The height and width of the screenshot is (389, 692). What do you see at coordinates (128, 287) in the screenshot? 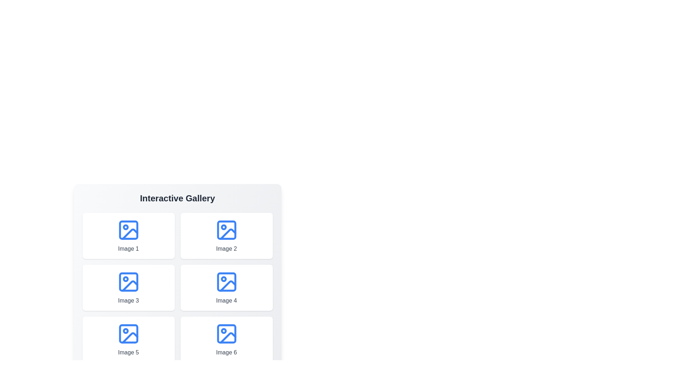
I see `the image titled 'Image 3' to see its hover effect` at bounding box center [128, 287].